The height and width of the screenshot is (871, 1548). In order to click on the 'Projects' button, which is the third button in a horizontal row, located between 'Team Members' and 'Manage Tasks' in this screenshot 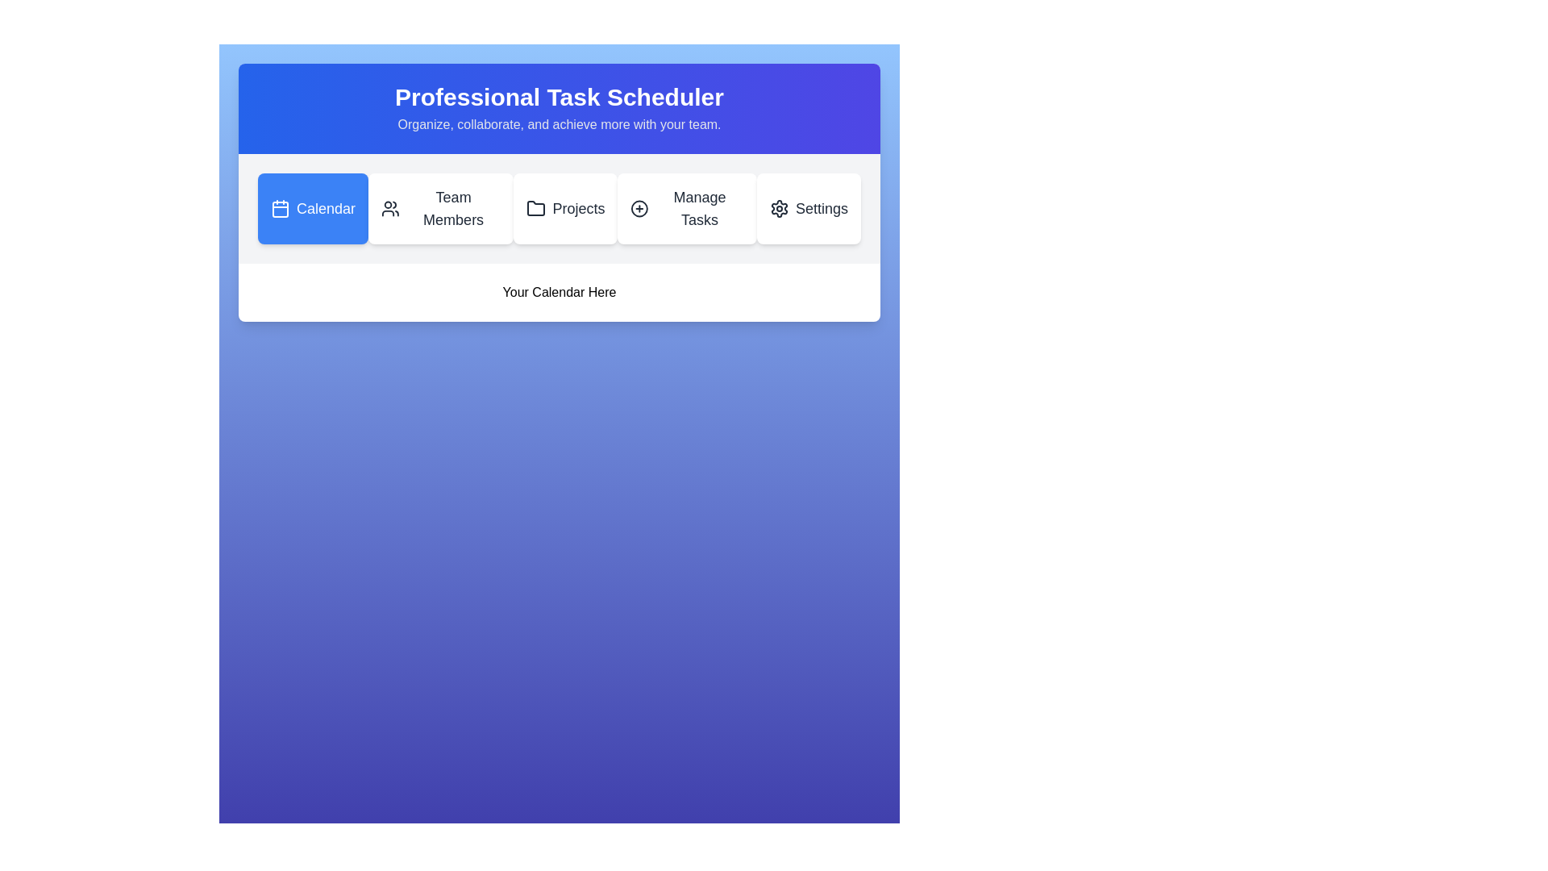, I will do `click(565, 207)`.